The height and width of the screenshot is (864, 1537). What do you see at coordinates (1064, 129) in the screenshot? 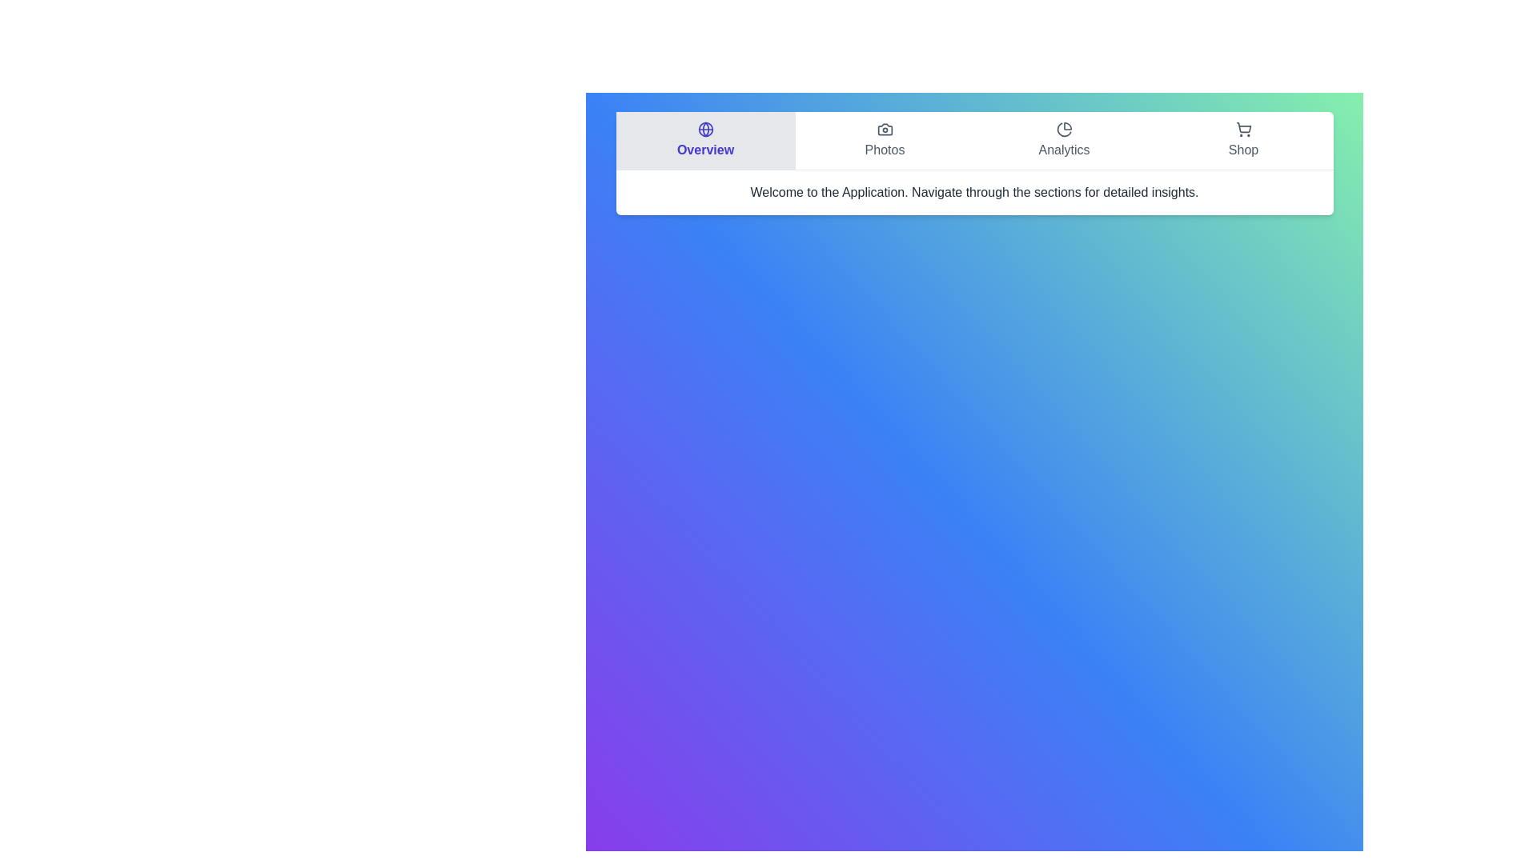
I see `the pie chart icon located in the 'Analytics' section of the top navigation bar` at bounding box center [1064, 129].